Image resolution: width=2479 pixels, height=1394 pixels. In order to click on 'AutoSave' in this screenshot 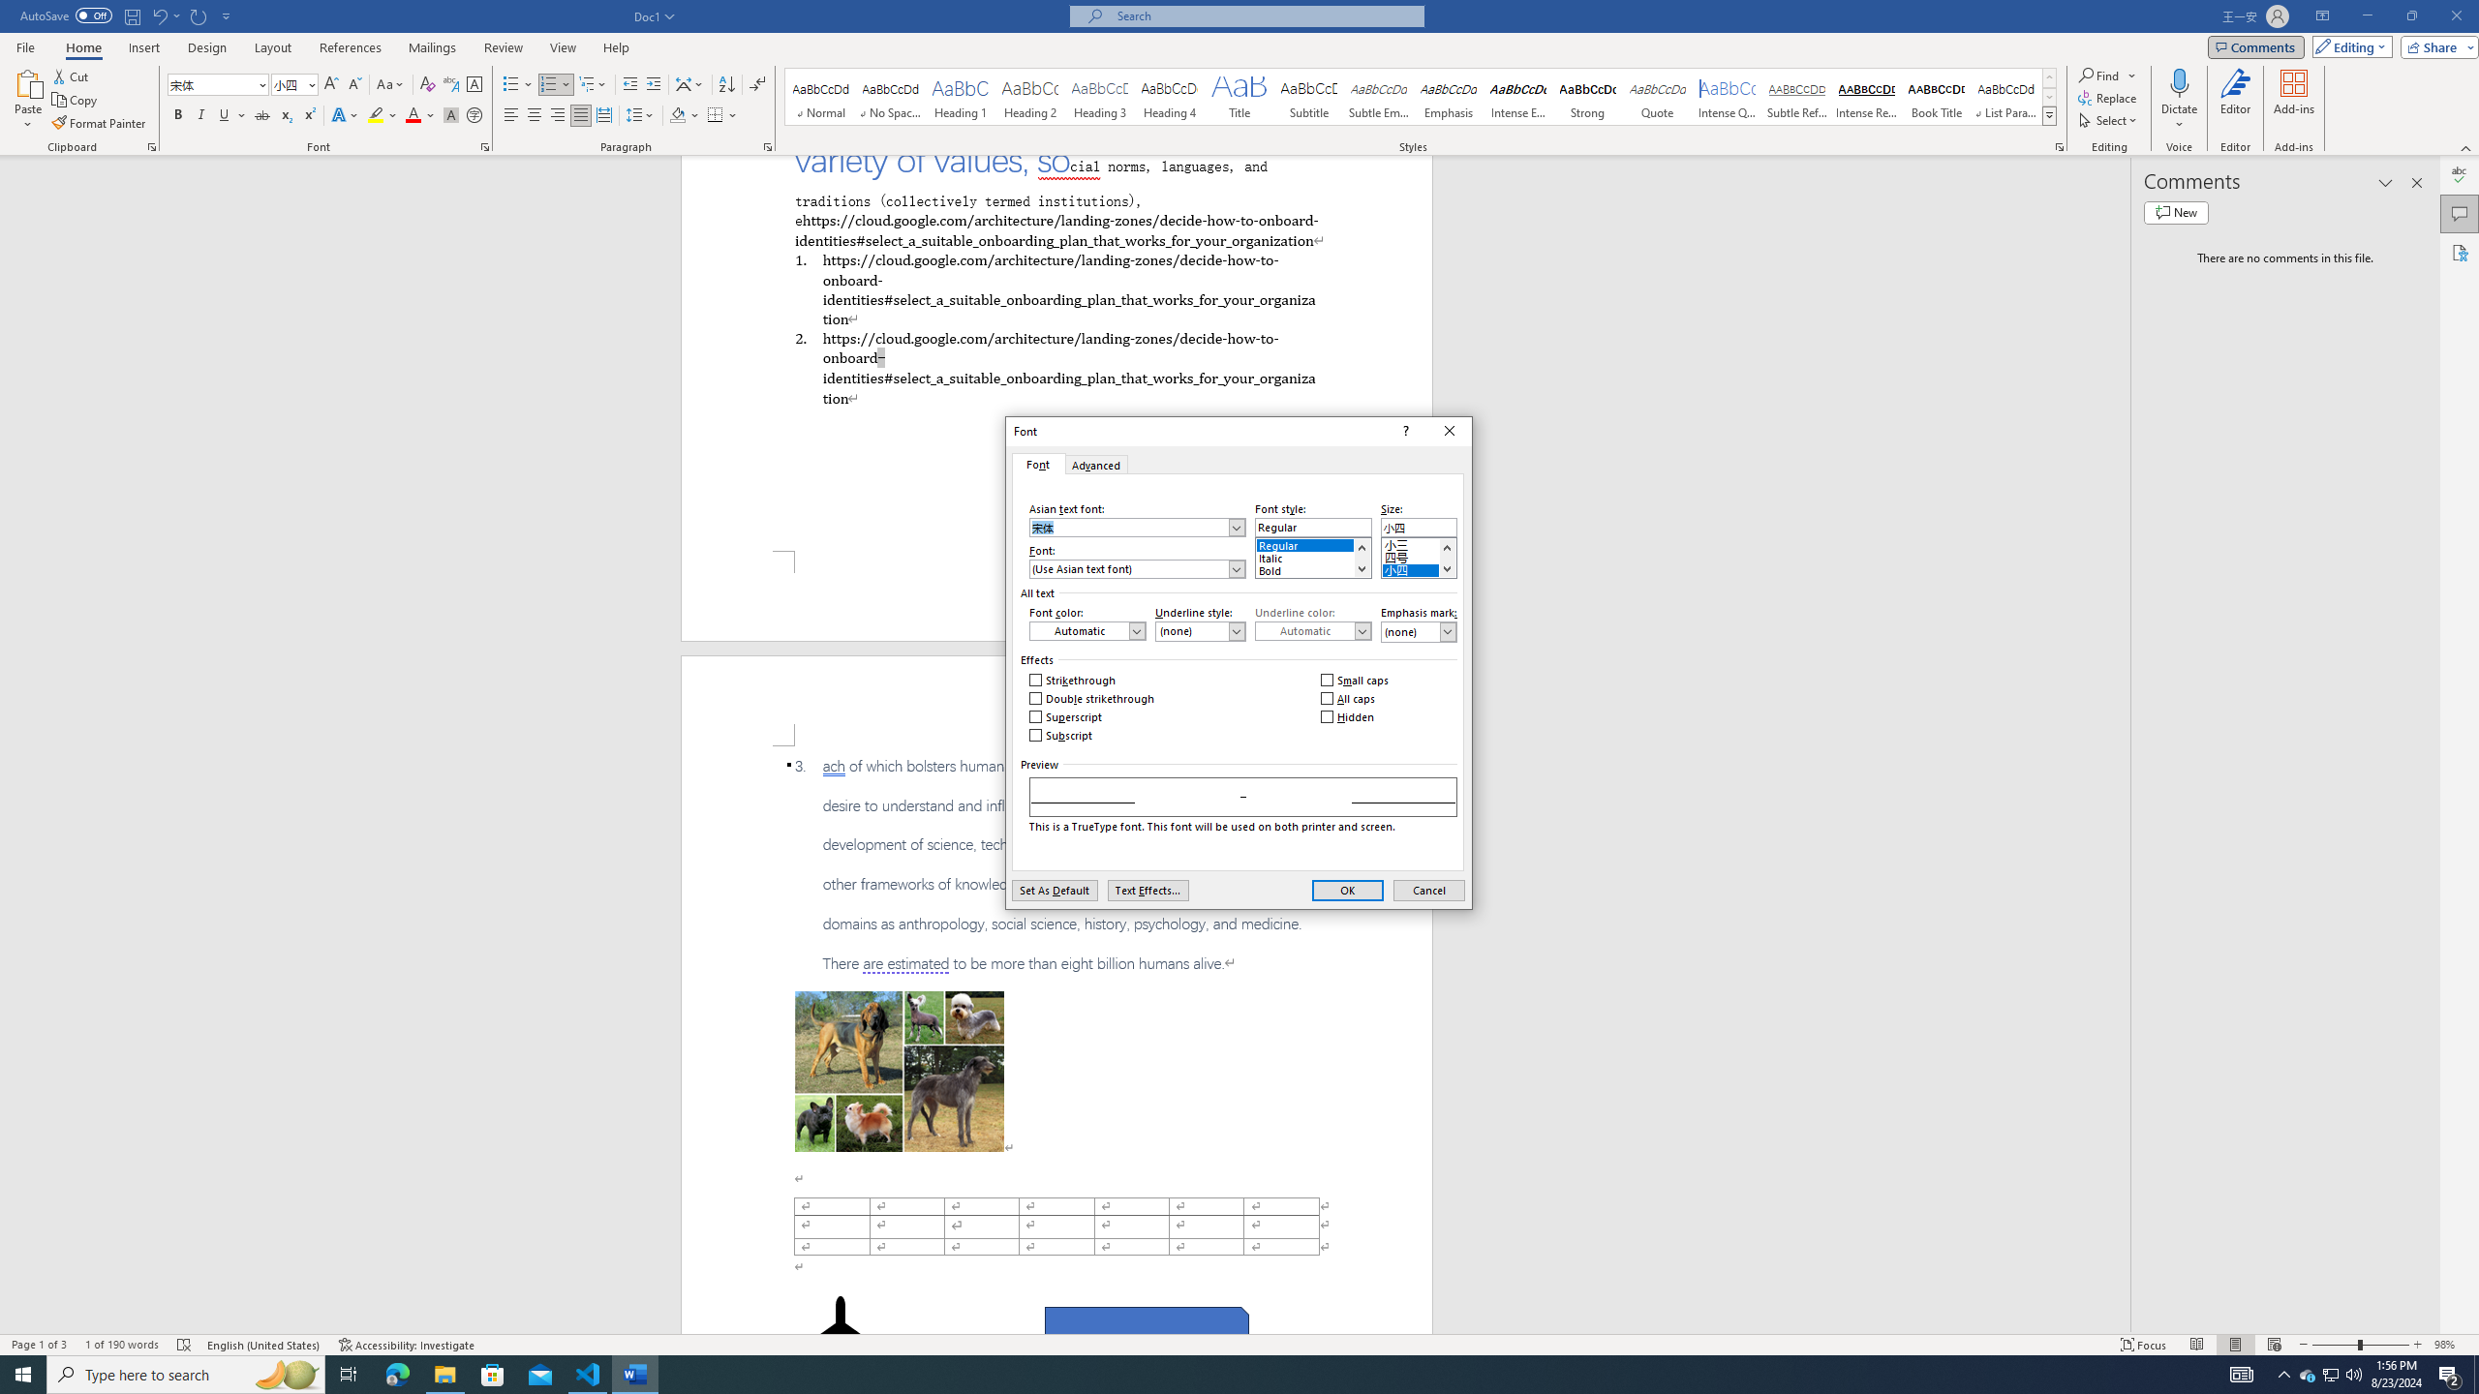, I will do `click(67, 15)`.